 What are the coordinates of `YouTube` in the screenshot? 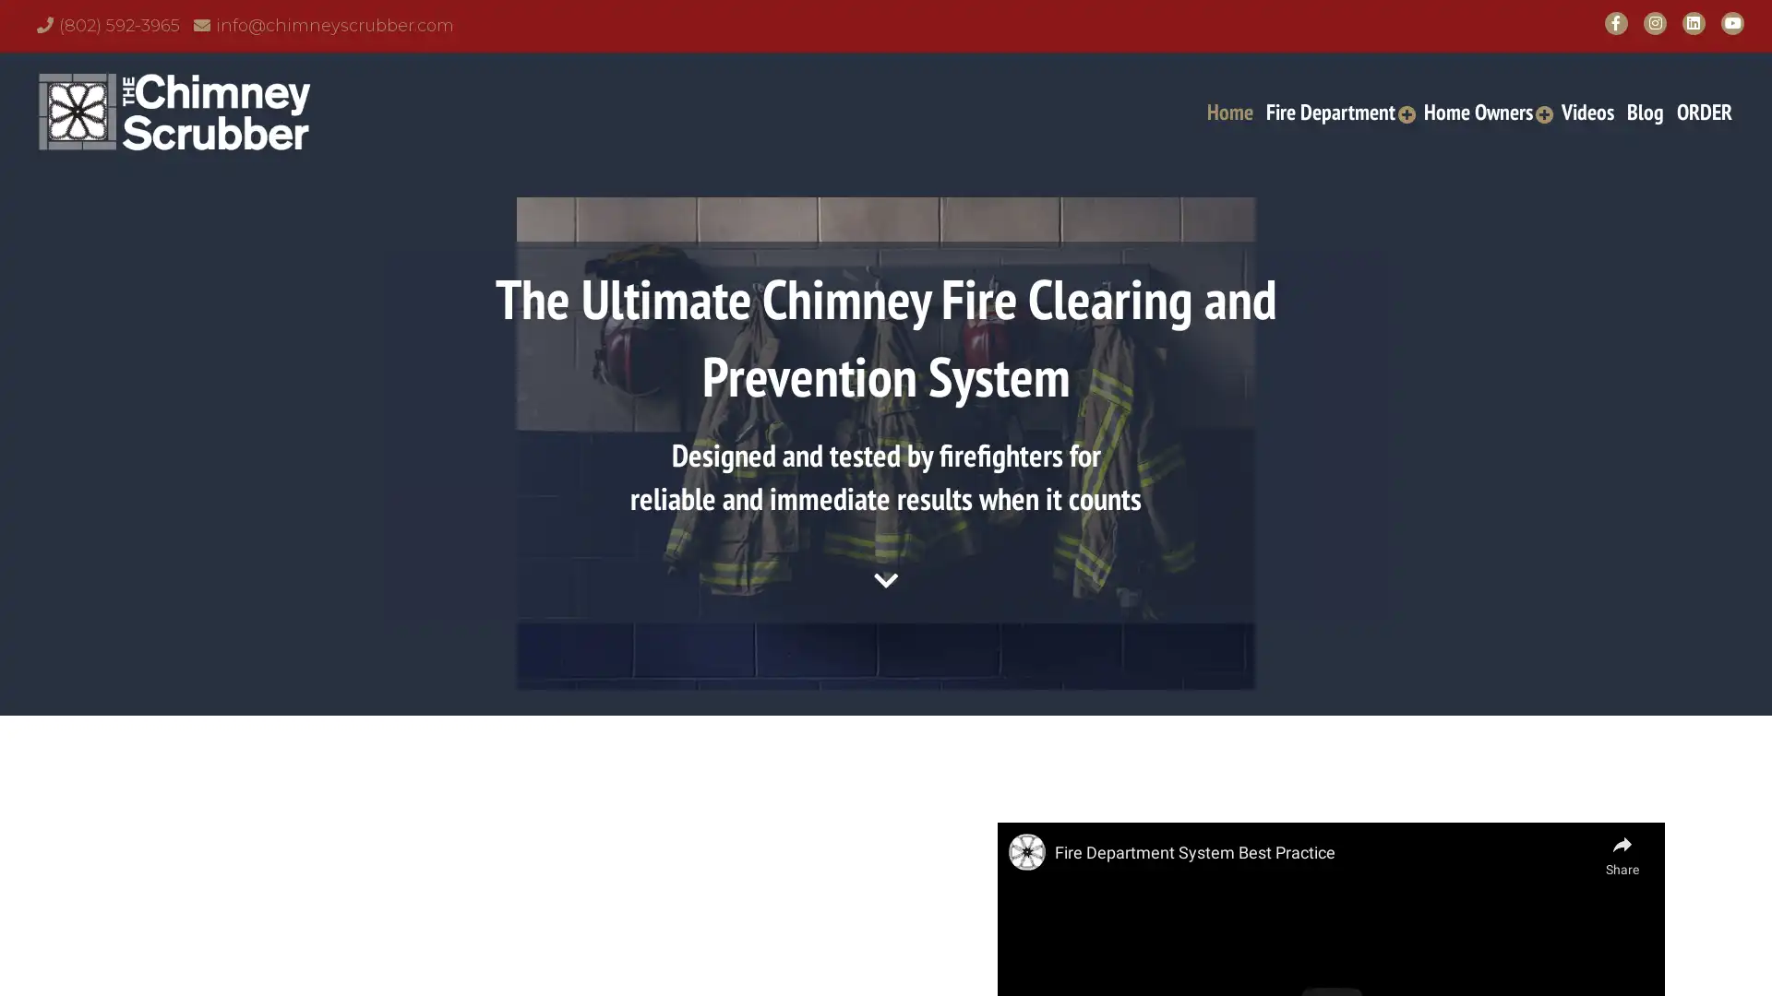 It's located at (1731, 20).